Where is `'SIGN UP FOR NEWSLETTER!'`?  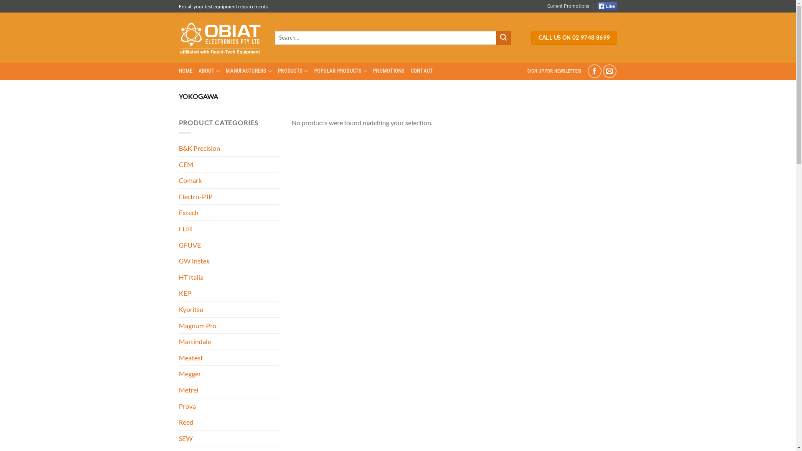 'SIGN UP FOR NEWSLETTER!' is located at coordinates (554, 71).